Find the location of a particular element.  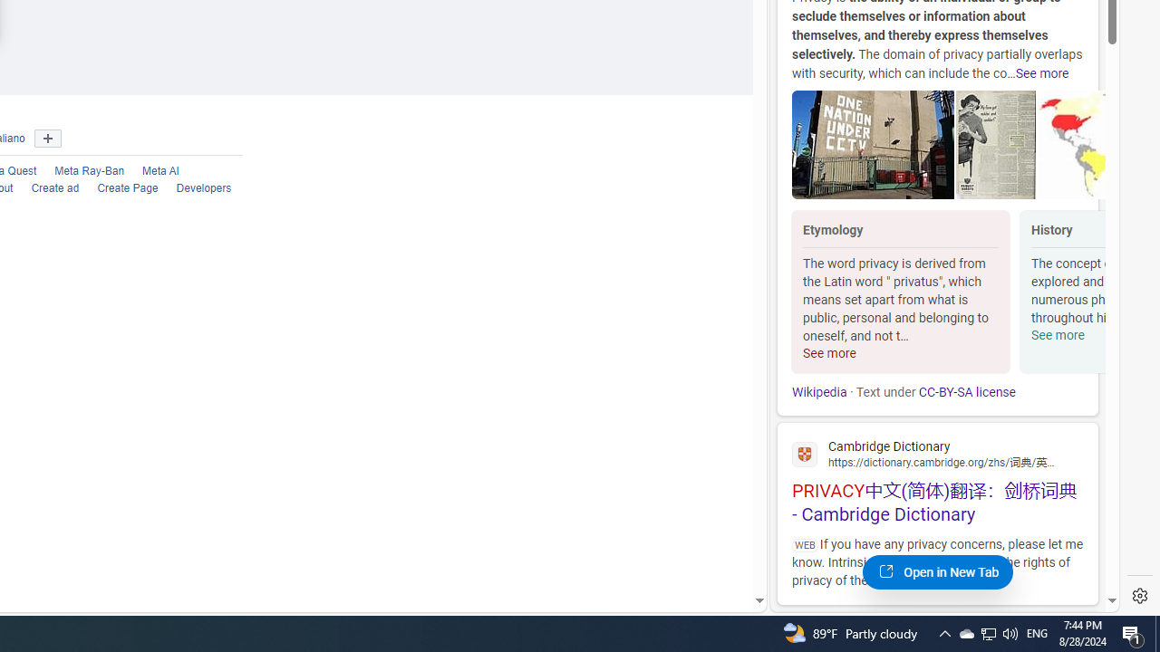

'Show more languages' is located at coordinates (47, 138).